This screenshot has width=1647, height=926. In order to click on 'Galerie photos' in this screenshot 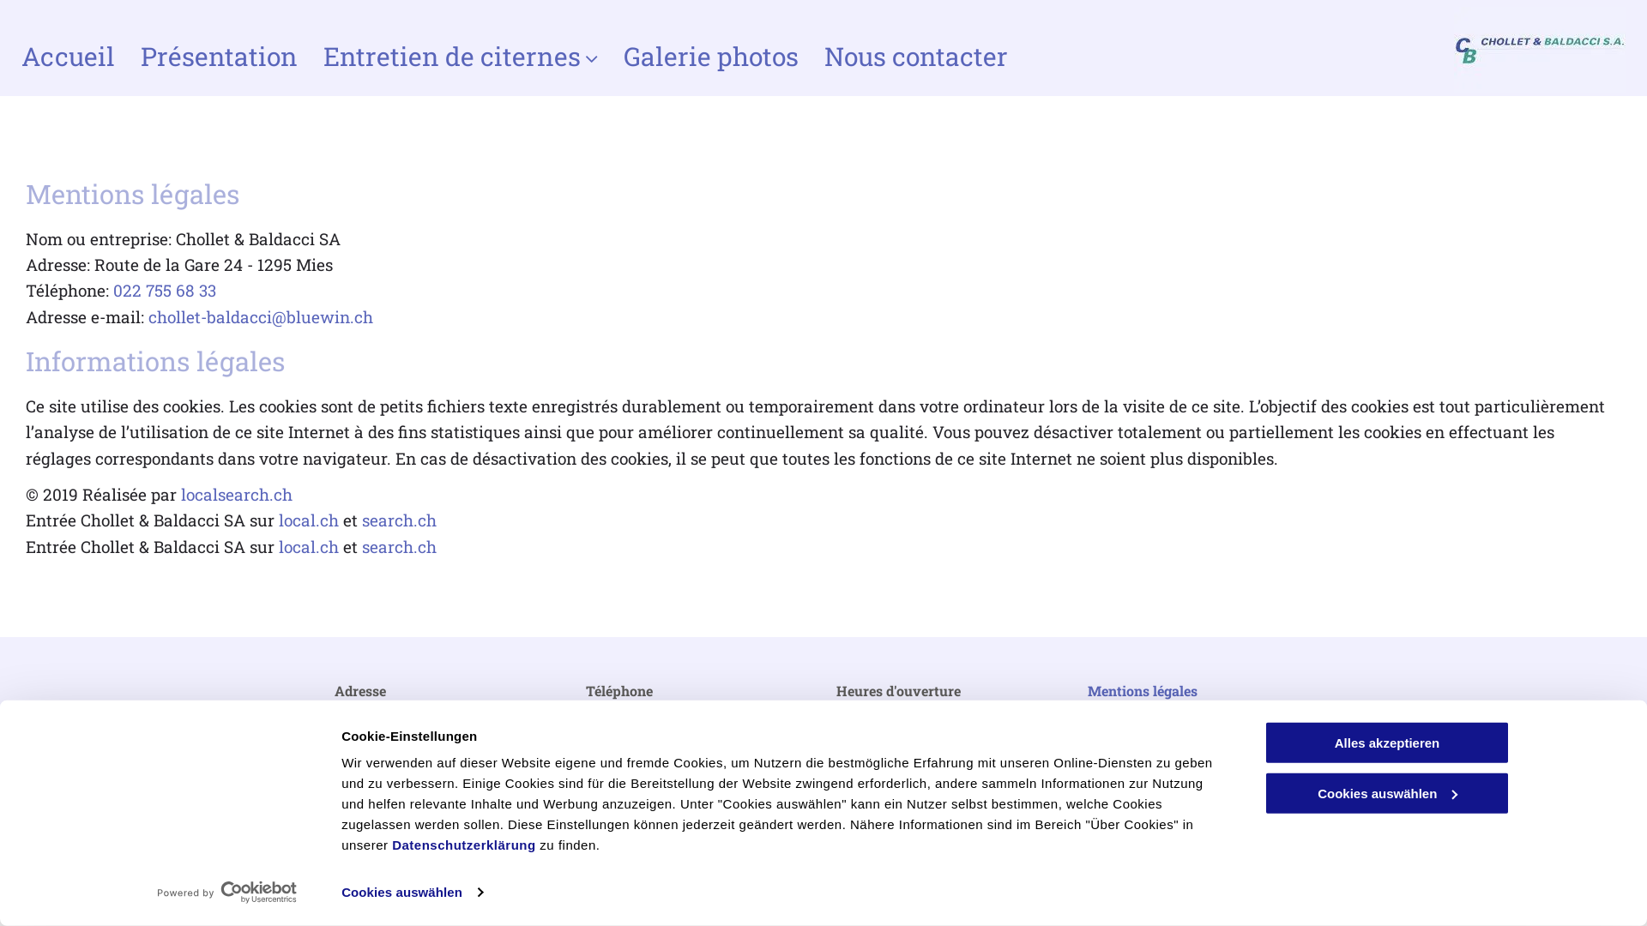, I will do `click(711, 56)`.